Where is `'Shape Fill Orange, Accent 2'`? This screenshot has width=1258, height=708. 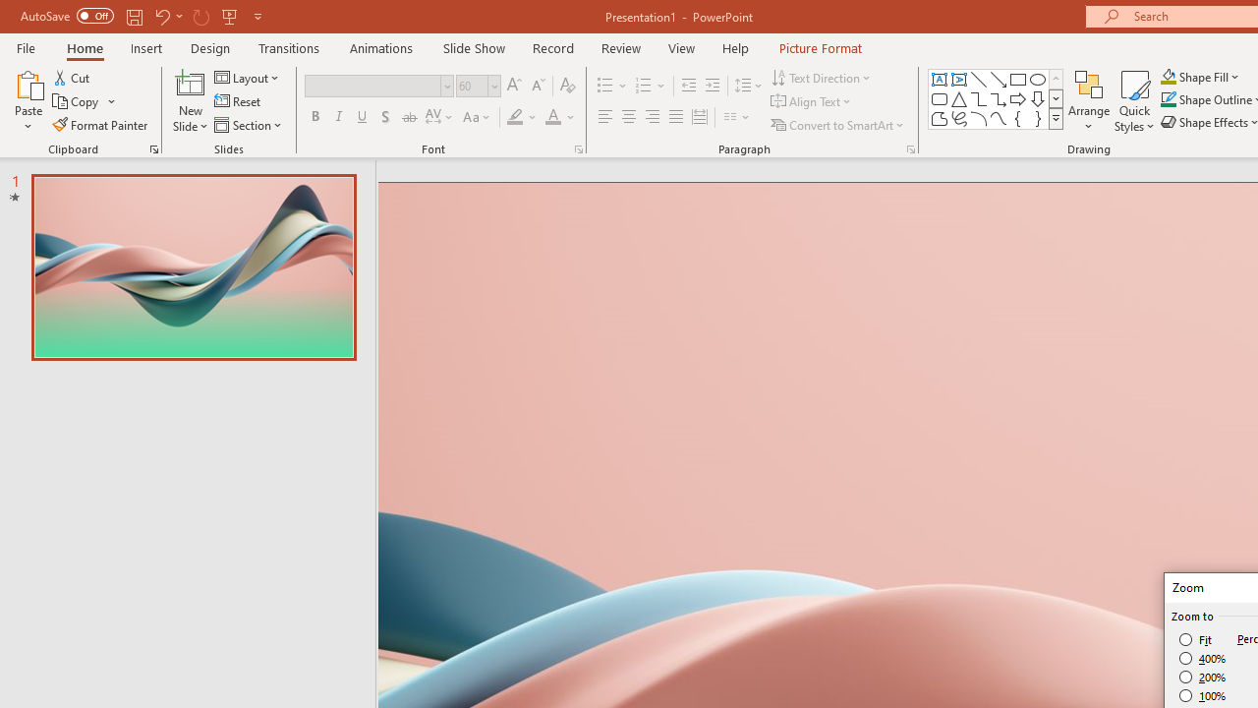
'Shape Fill Orange, Accent 2' is located at coordinates (1169, 76).